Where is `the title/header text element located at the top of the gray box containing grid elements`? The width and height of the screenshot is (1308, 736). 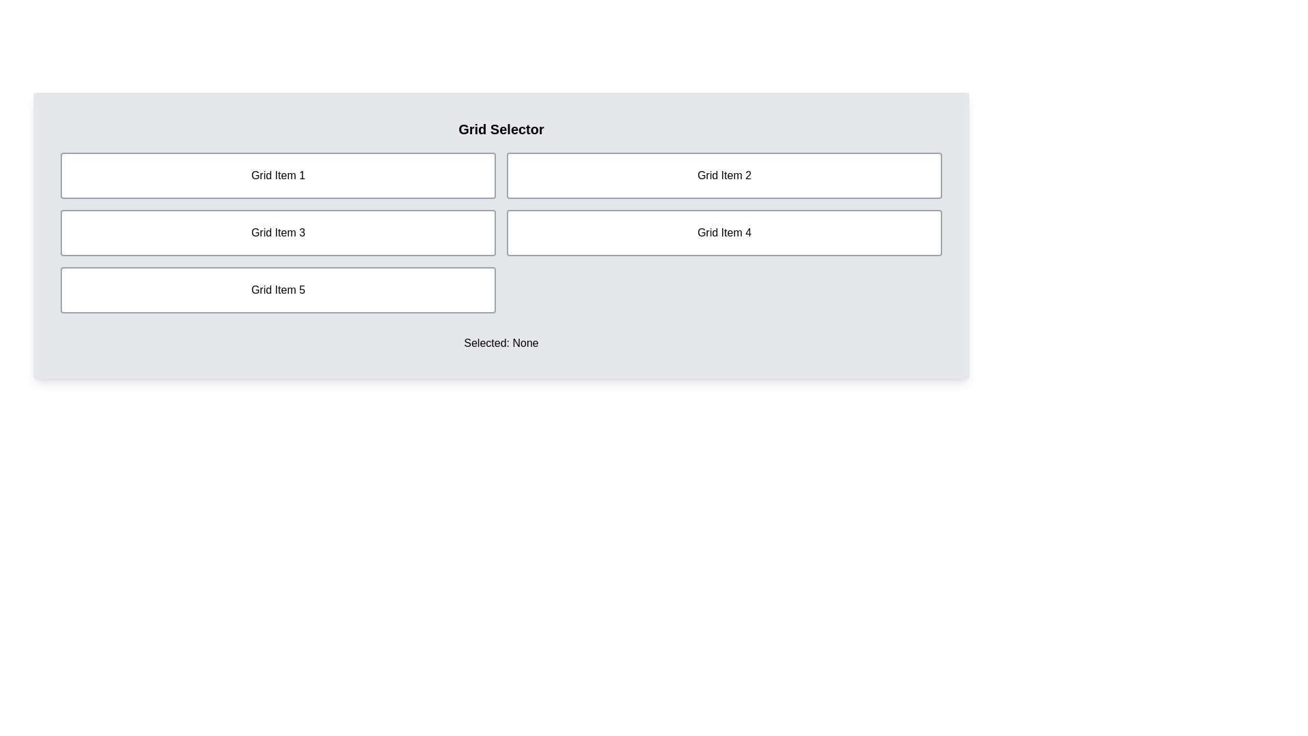
the title/header text element located at the top of the gray box containing grid elements is located at coordinates (500, 129).